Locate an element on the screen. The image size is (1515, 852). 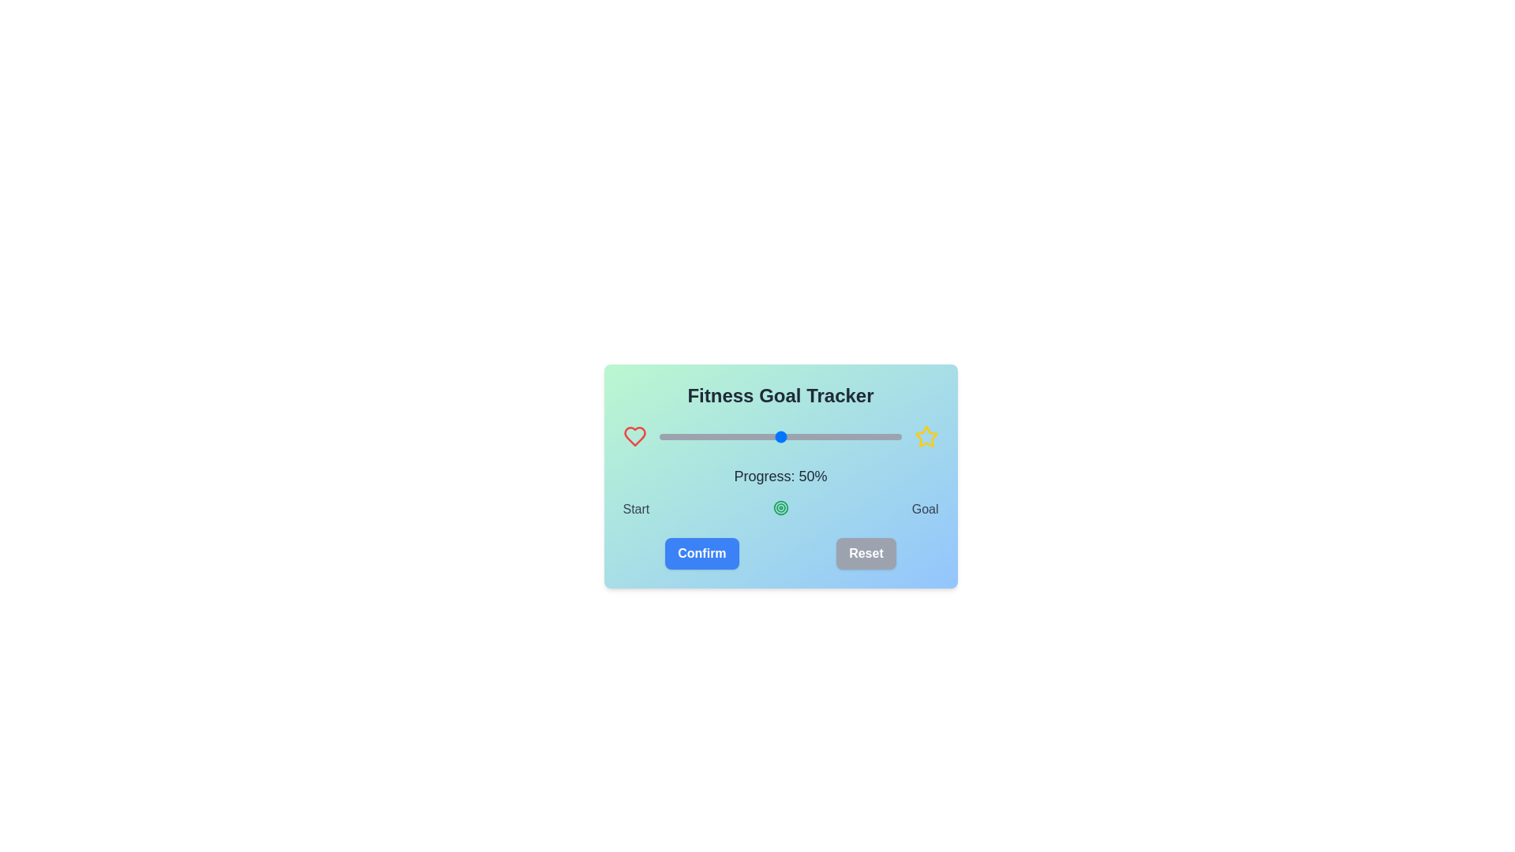
the slider to set progress to 4% is located at coordinates (669, 437).